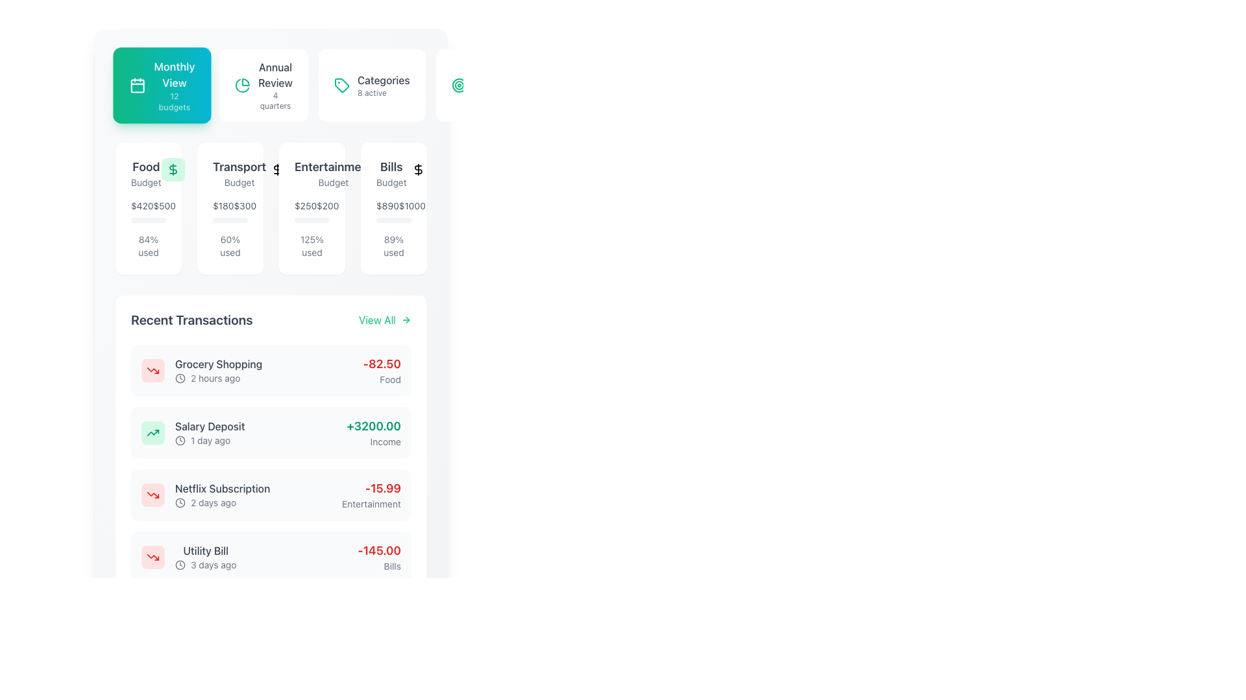  What do you see at coordinates (153, 557) in the screenshot?
I see `the red decrease icon indicating a downward trend in the first entry of the 'Recent Transactions' list, which represents a decrease or loss in the associated transaction details` at bounding box center [153, 557].